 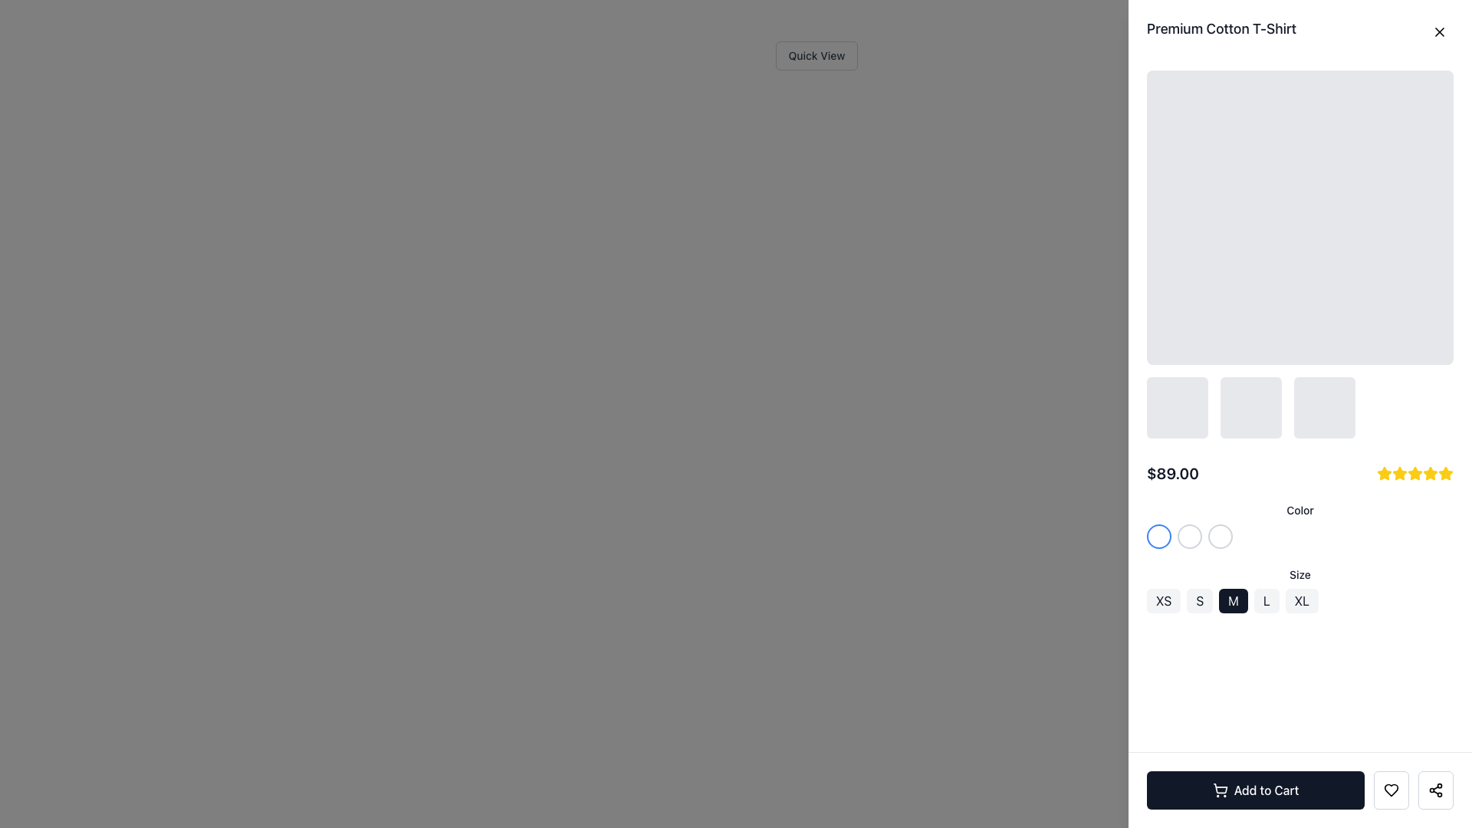 What do you see at coordinates (1299, 253) in the screenshot?
I see `the rectangular gray image placeholder with rounded corners located below the product title 'Premium Cotton T-Shirt' in the upper part of the product details section` at bounding box center [1299, 253].